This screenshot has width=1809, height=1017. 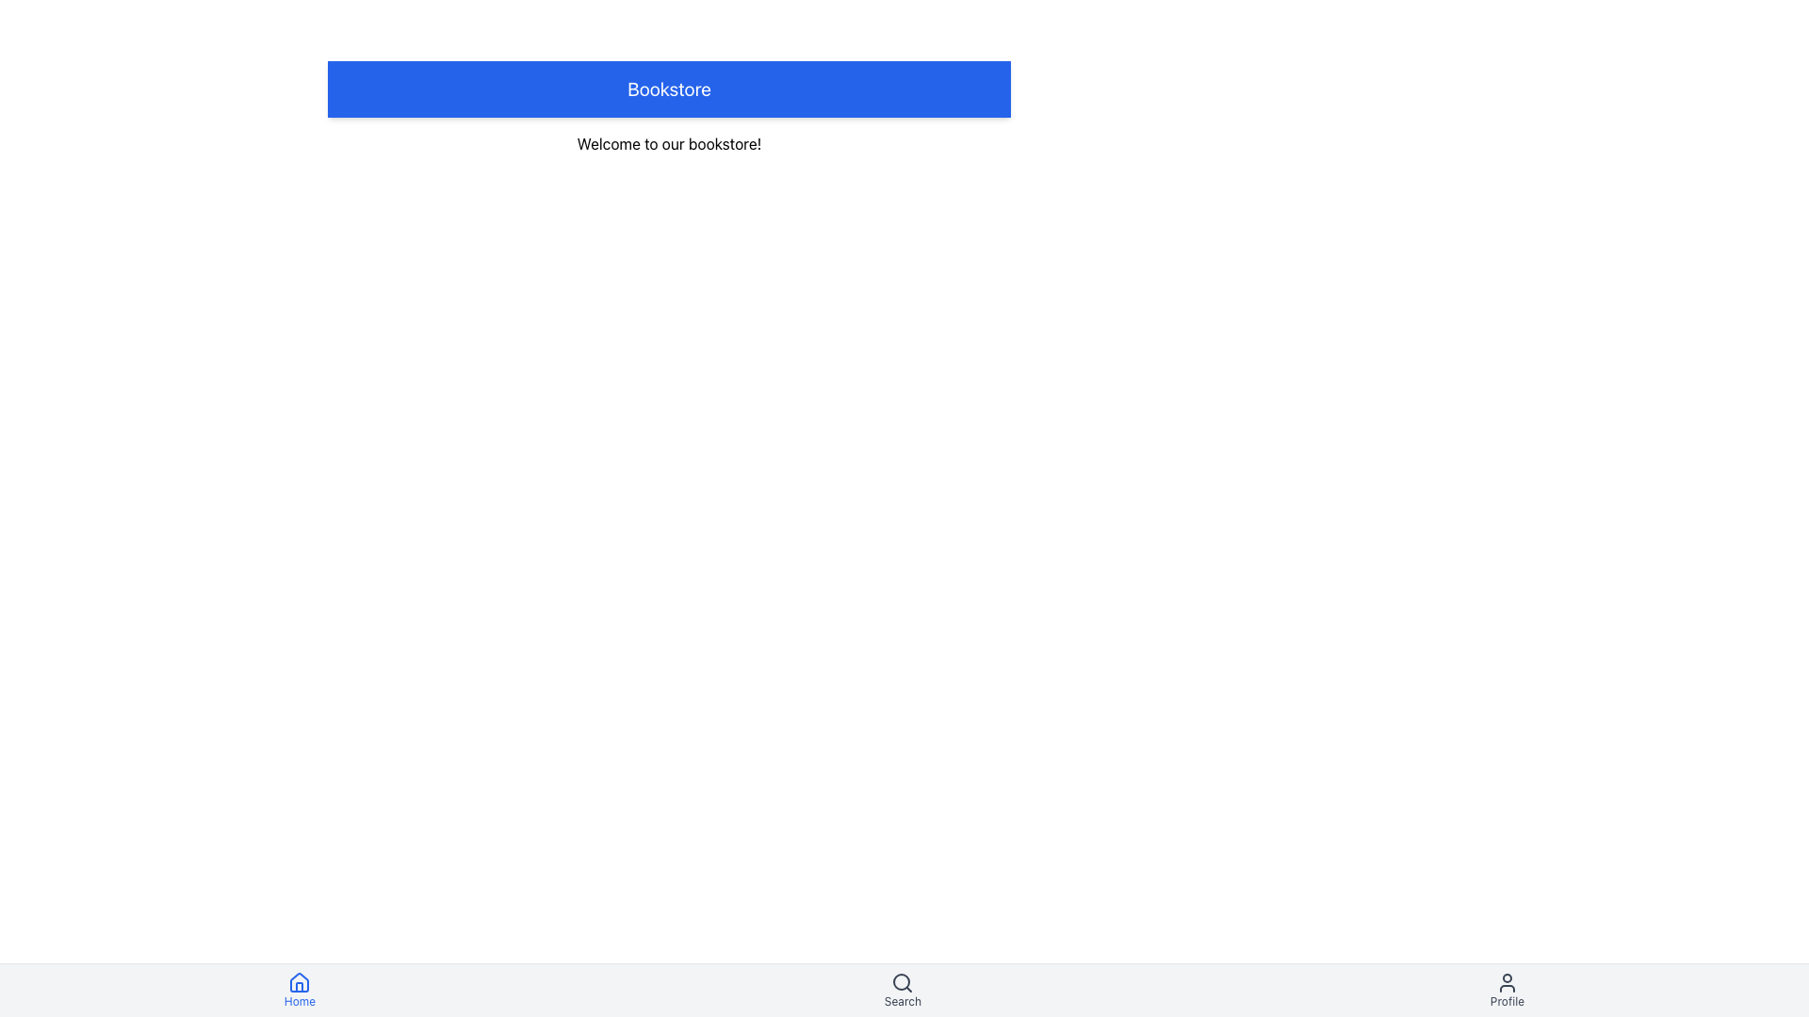 What do you see at coordinates (902, 982) in the screenshot?
I see `the magnifying glass icon in the bottom navigation bar` at bounding box center [902, 982].